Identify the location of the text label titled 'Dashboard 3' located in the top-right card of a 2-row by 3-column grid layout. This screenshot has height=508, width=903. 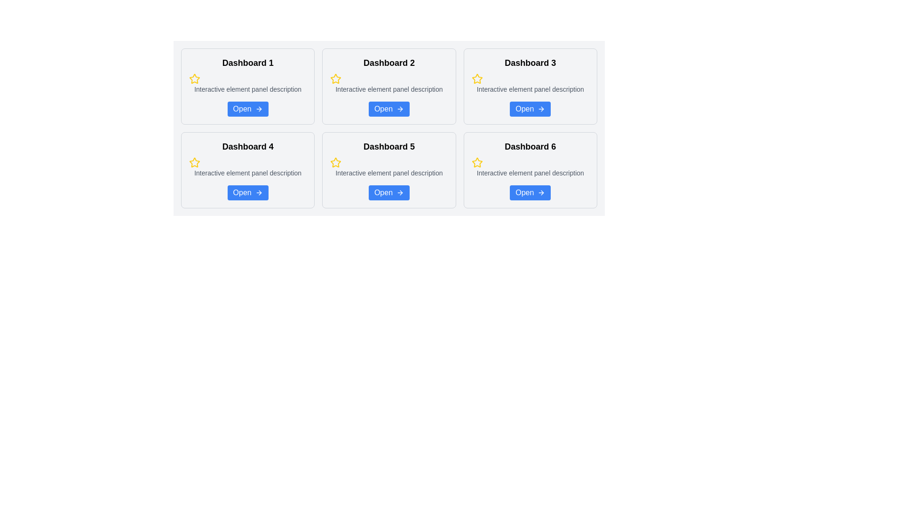
(530, 63).